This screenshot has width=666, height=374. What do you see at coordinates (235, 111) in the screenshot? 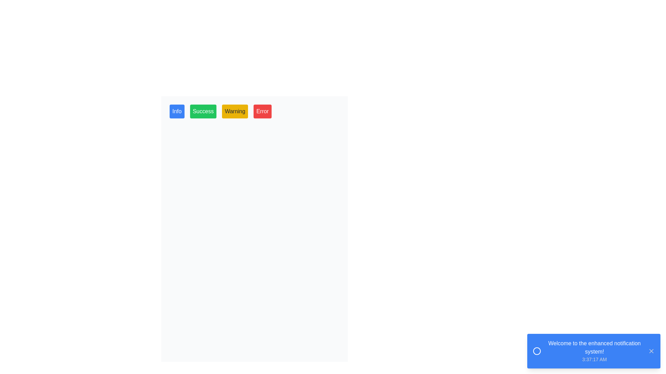
I see `the 'Warning' button, which is the third button in a row of buttons labeled 'Info', 'Success', 'Warning', and 'Error'` at bounding box center [235, 111].